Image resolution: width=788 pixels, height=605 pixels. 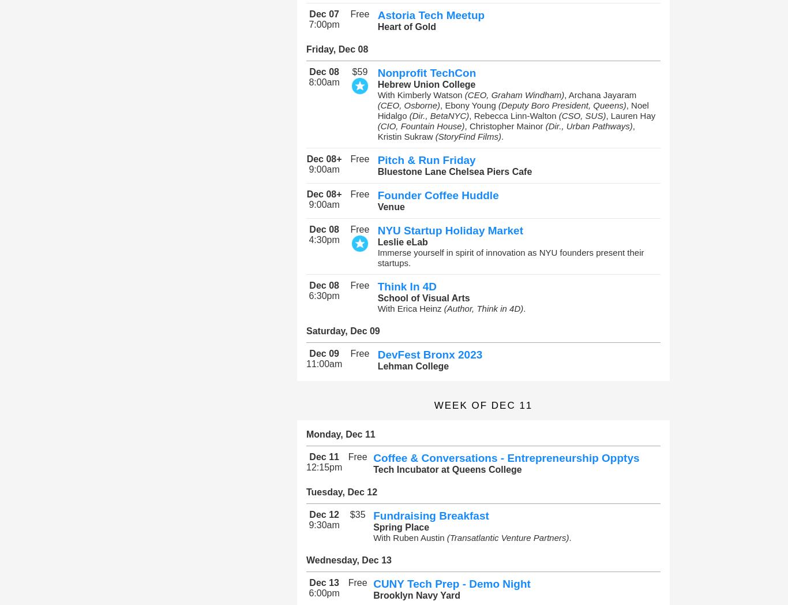 What do you see at coordinates (588, 125) in the screenshot?
I see `'(Dir., Urban Pathways)'` at bounding box center [588, 125].